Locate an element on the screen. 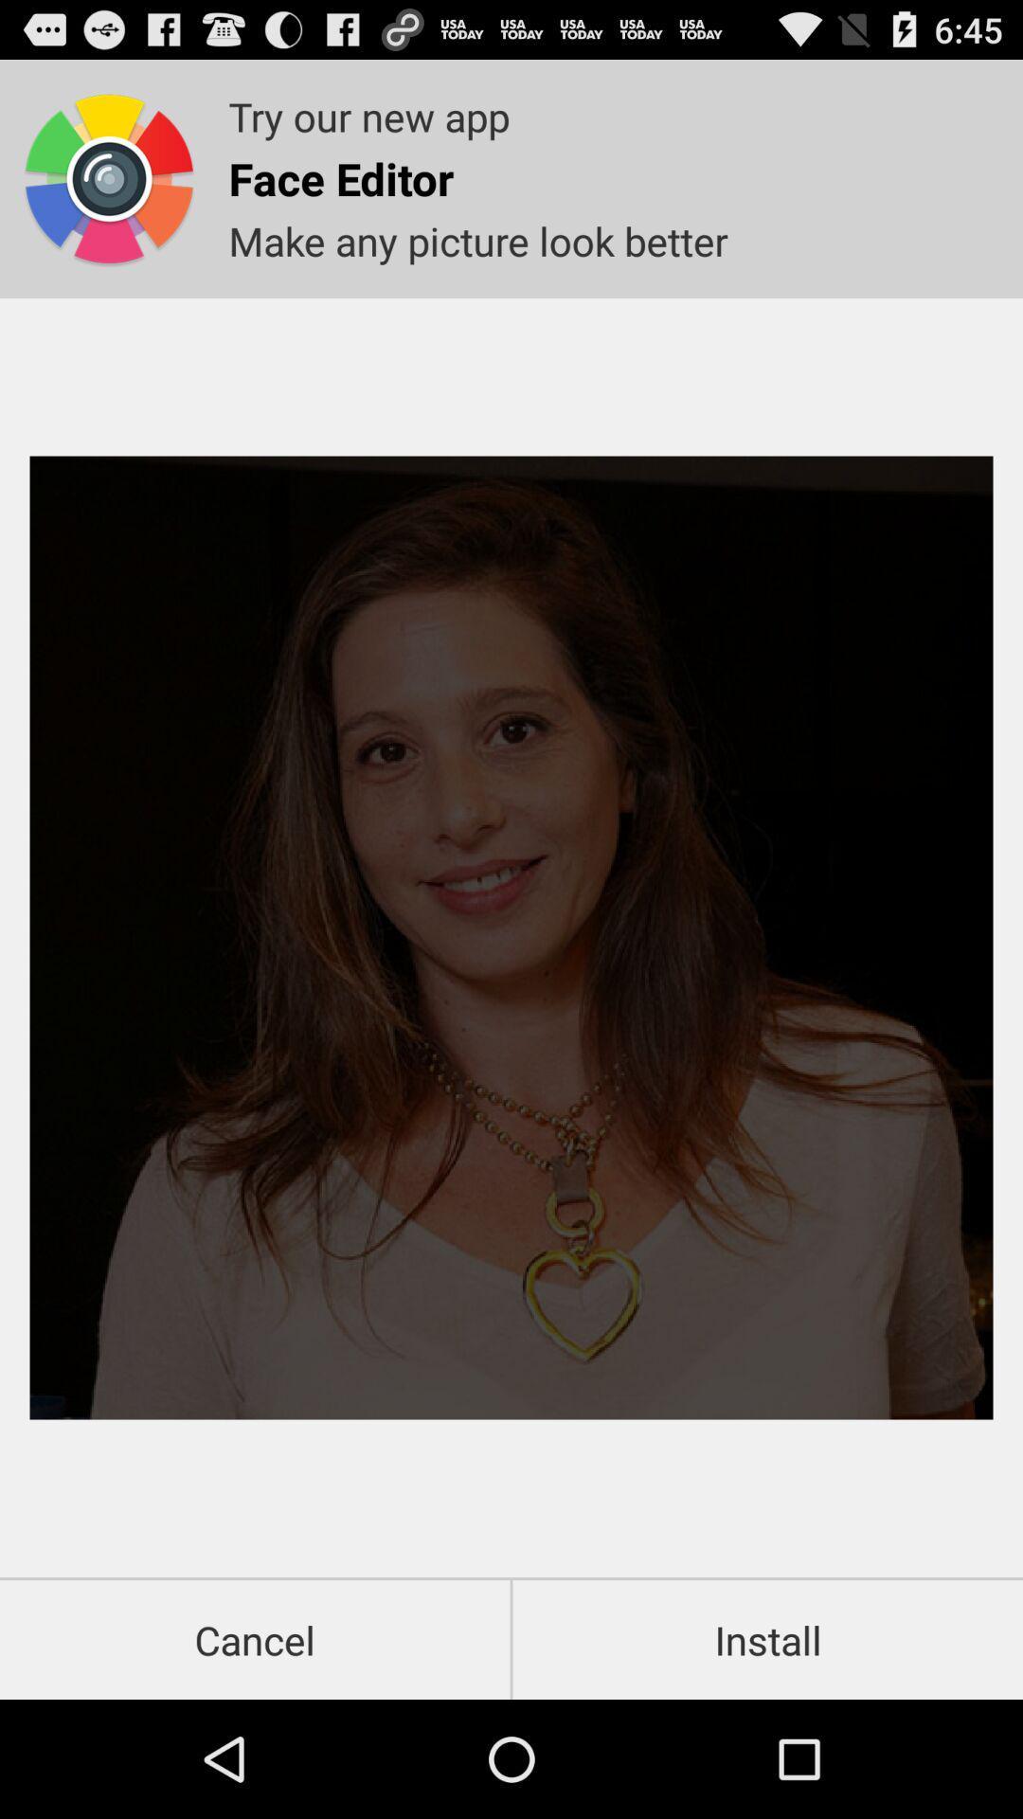 This screenshot has height=1819, width=1023. the item at the bottom right corner is located at coordinates (767, 1639).